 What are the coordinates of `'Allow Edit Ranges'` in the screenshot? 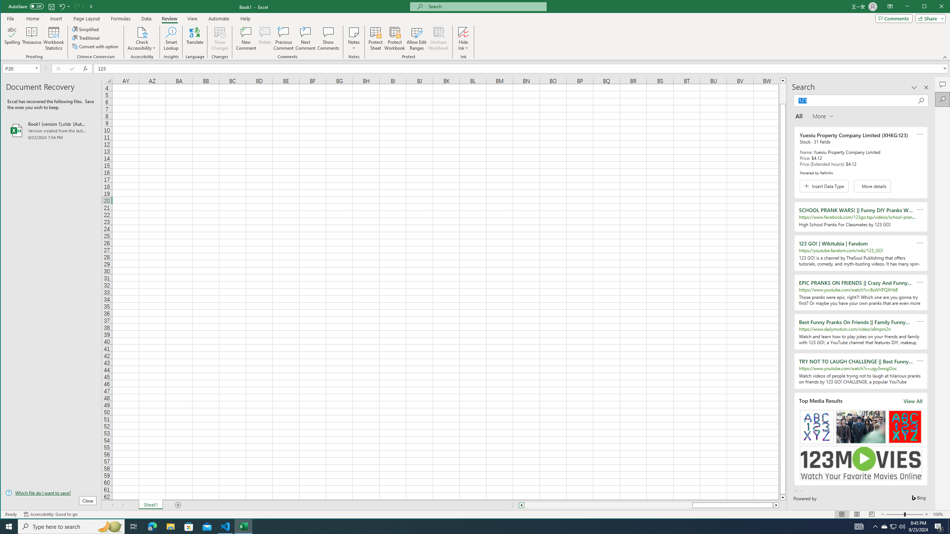 It's located at (416, 38).